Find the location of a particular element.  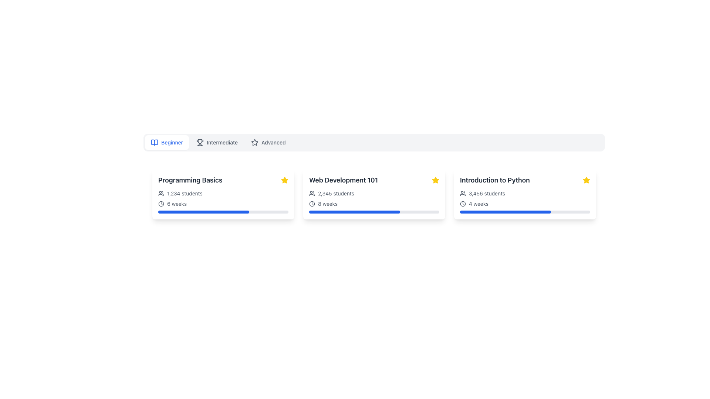

the SVG circle component of the clock illustration that visually conveys the idea of time, located adjacent to the text '6 weeks' is located at coordinates (463, 204).